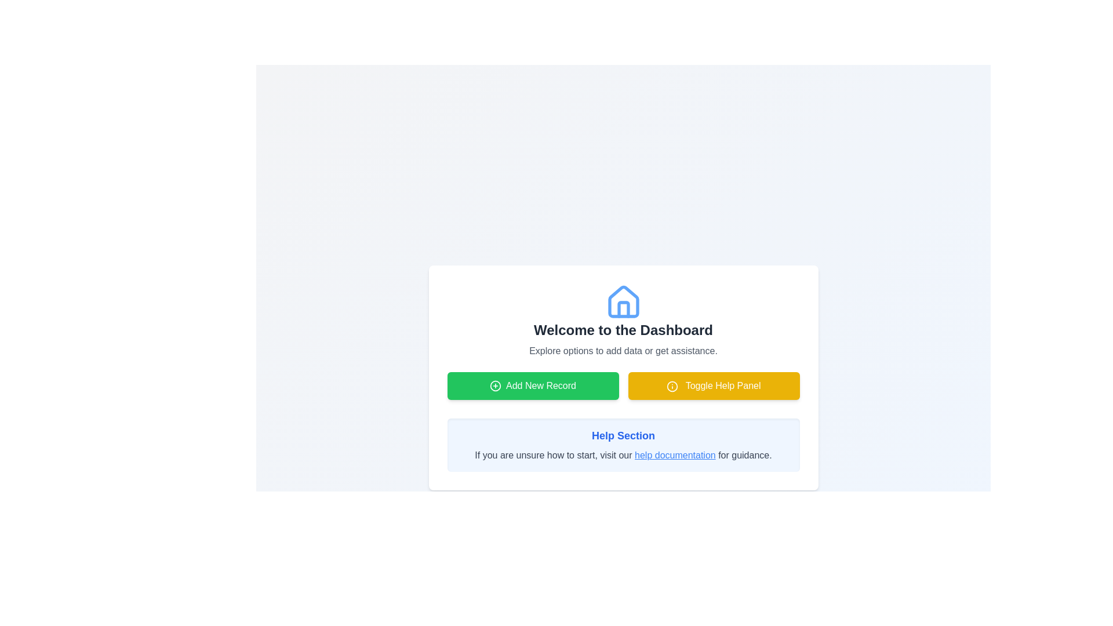 This screenshot has width=1113, height=626. What do you see at coordinates (713, 386) in the screenshot?
I see `the 'Toggle Help Panel' button, which has an orange background and an information icon` at bounding box center [713, 386].